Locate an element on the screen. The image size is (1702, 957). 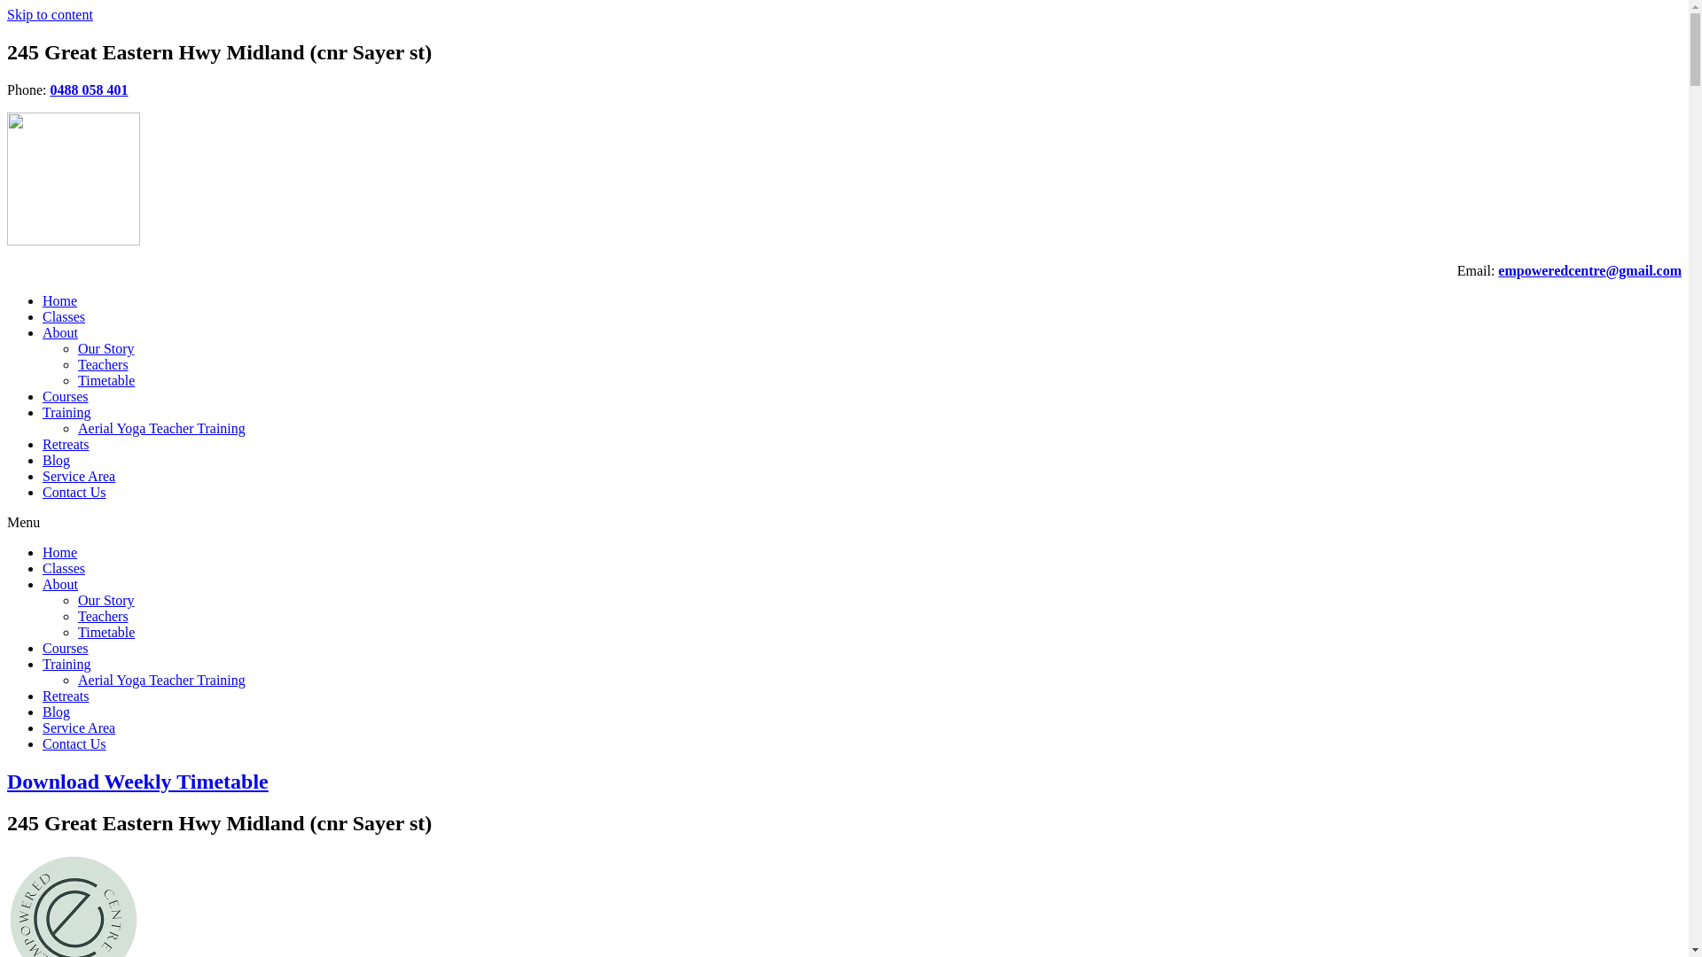
'Aerial Yoga Teacher Training' is located at coordinates (76, 428).